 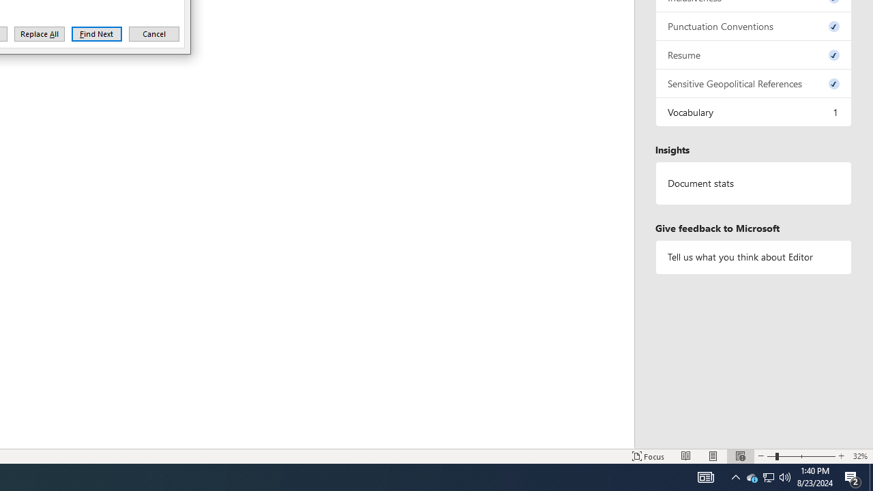 I want to click on 'User Promoted Notification Area', so click(x=751, y=476).